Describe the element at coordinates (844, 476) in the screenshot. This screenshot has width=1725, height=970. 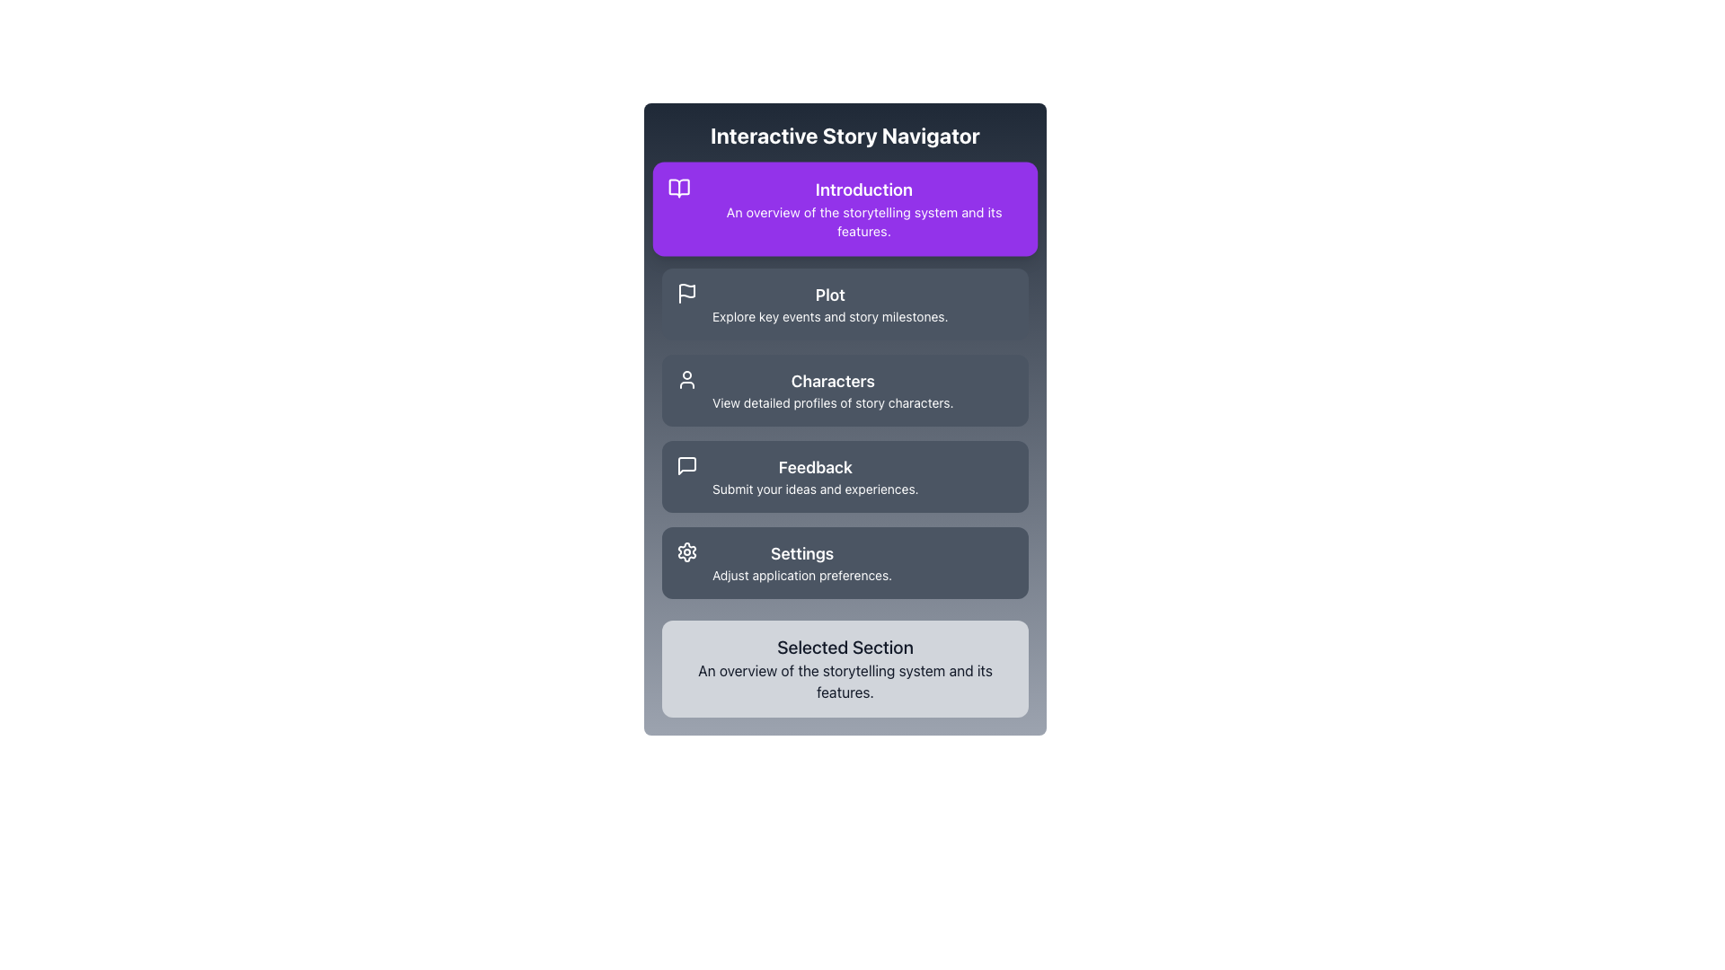
I see `the navigational button located fourth in the vertical list, positioned between the 'Characters' card and the 'Settings' card` at that location.